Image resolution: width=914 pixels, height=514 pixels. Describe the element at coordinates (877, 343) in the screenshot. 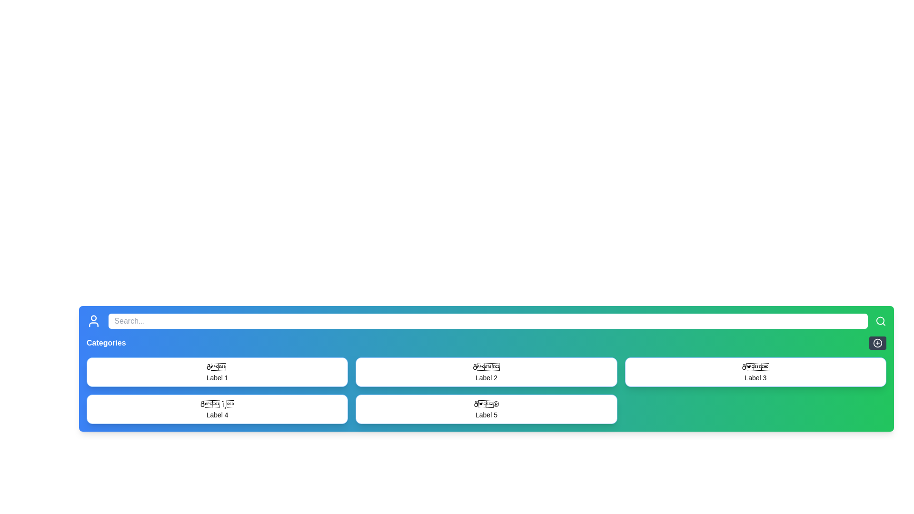

I see `the circular icon button with a plus sign, located on the right side of the green toolbar` at that location.